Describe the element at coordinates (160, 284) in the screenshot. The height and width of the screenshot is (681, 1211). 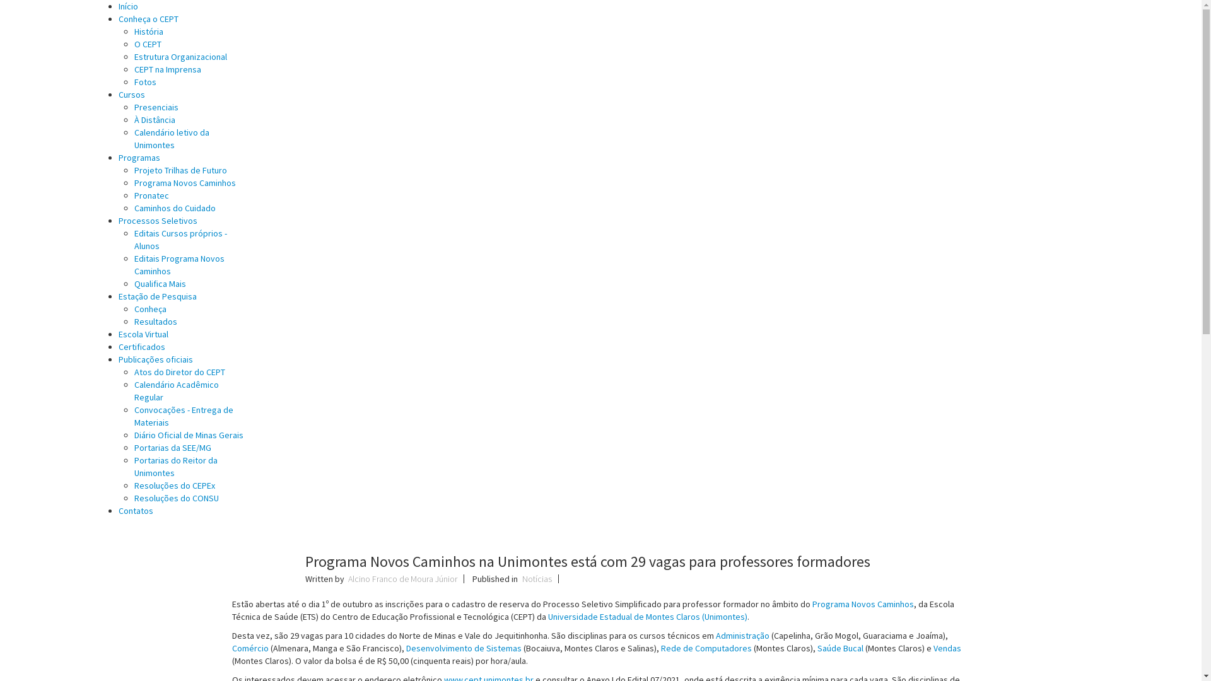
I see `'Qualifica Mais'` at that location.